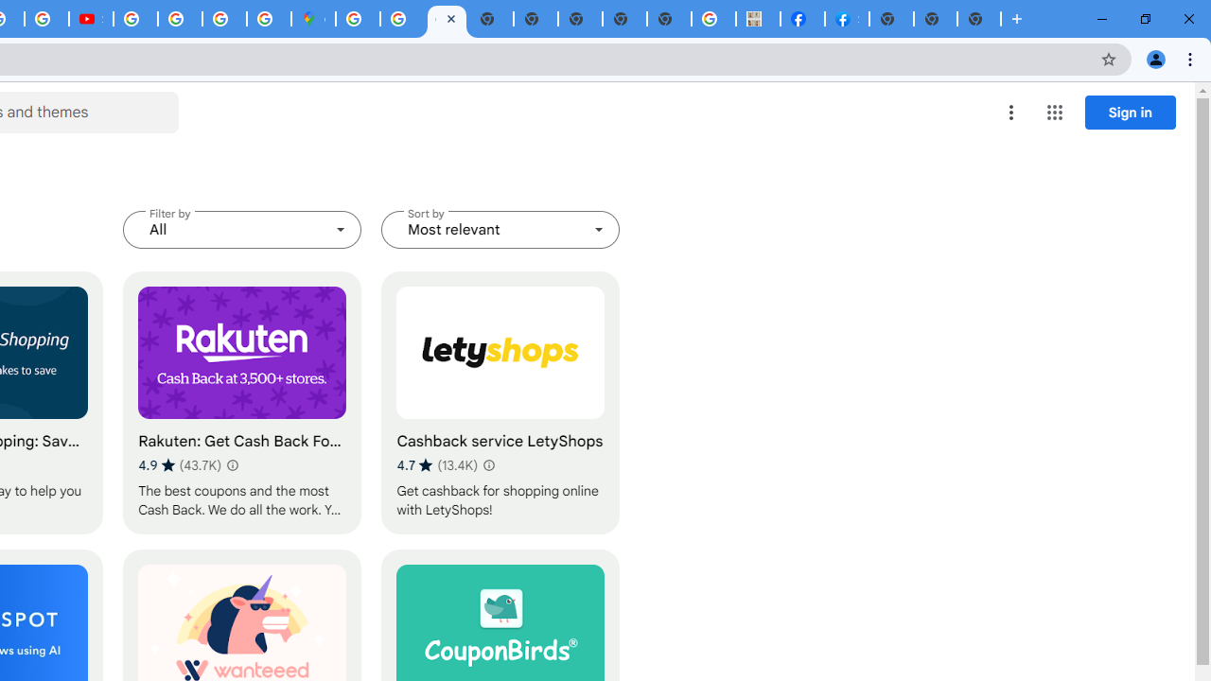 The width and height of the screenshot is (1211, 681). I want to click on 'Average rating 4.9 out of 5 stars. 43.7K ratings.', so click(180, 464).